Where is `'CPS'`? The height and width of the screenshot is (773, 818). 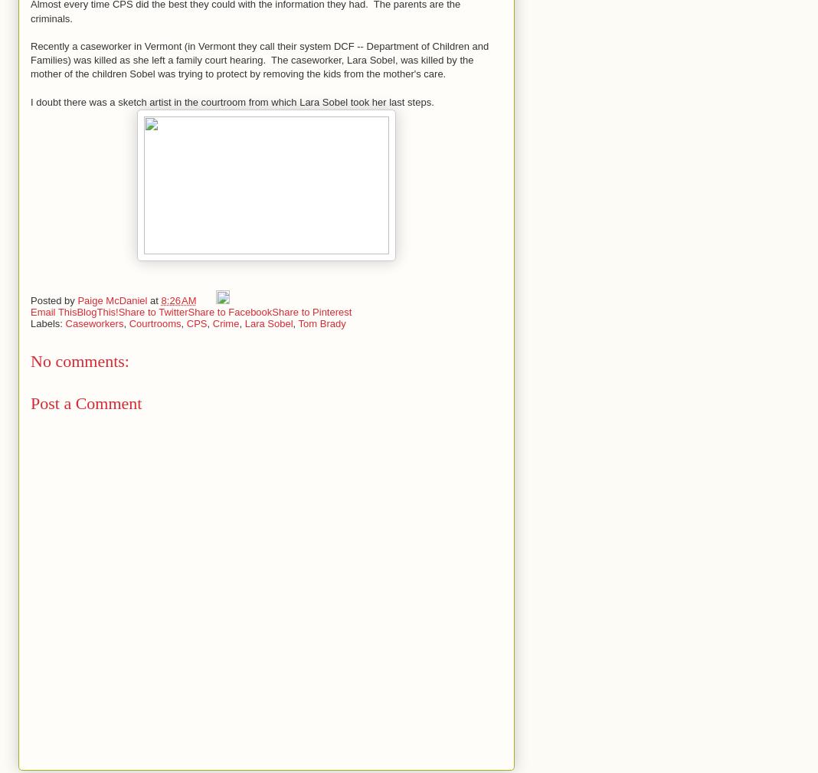
'CPS' is located at coordinates (196, 322).